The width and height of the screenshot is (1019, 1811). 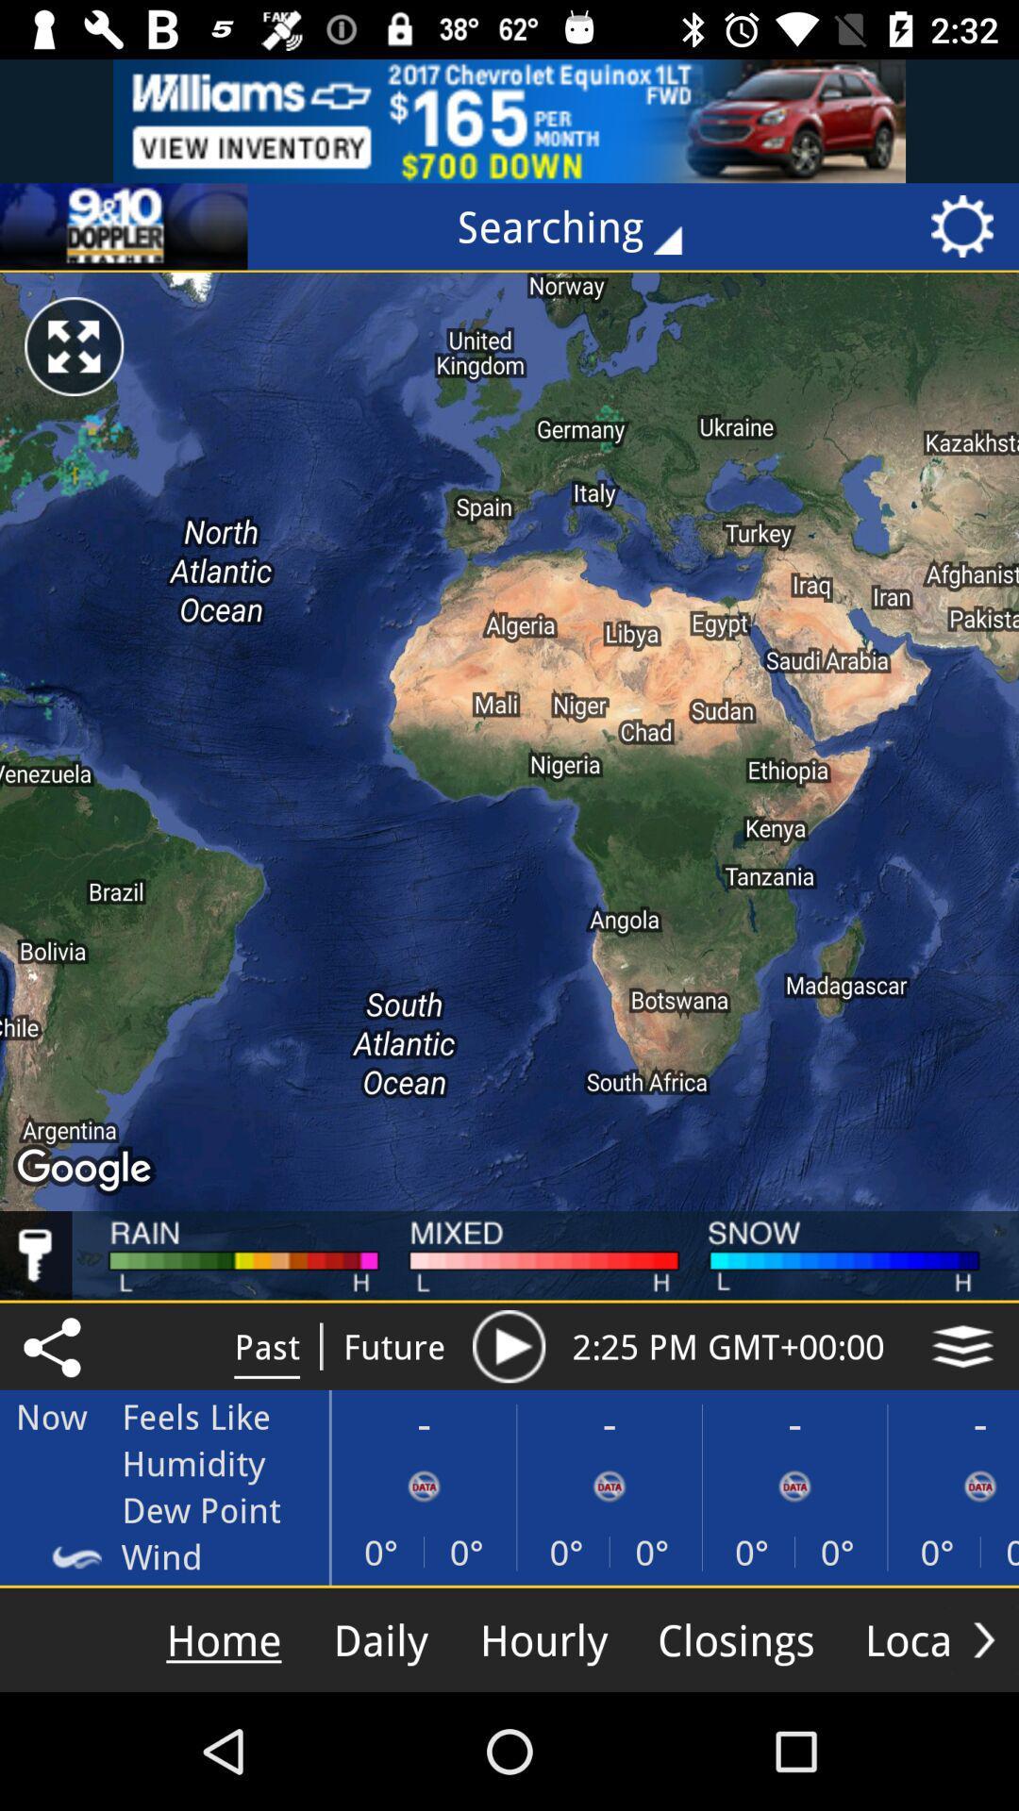 I want to click on the share icon, so click(x=55, y=1345).